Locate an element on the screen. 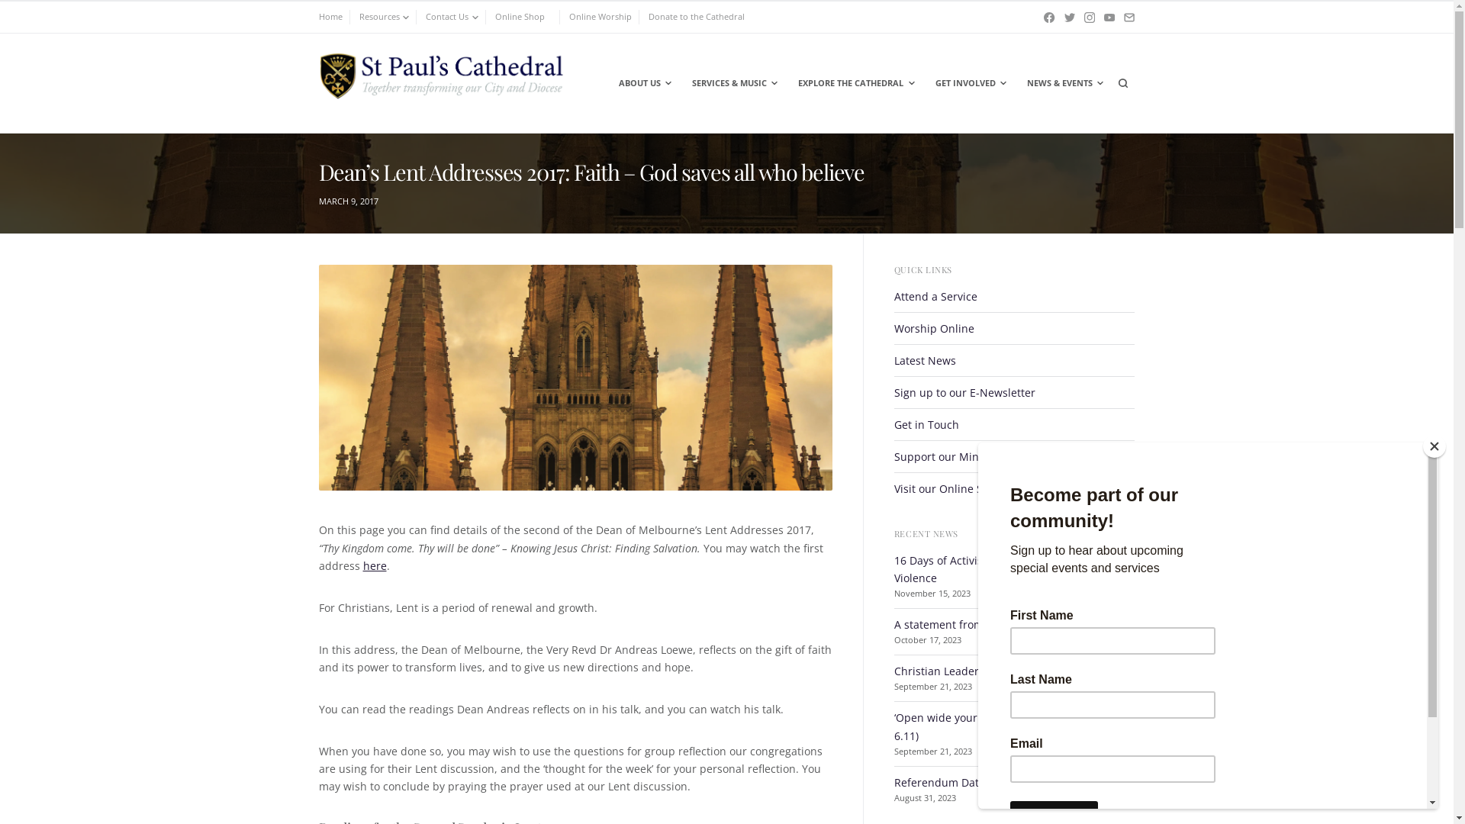 This screenshot has height=824, width=1465. 'Resources' is located at coordinates (384, 17).